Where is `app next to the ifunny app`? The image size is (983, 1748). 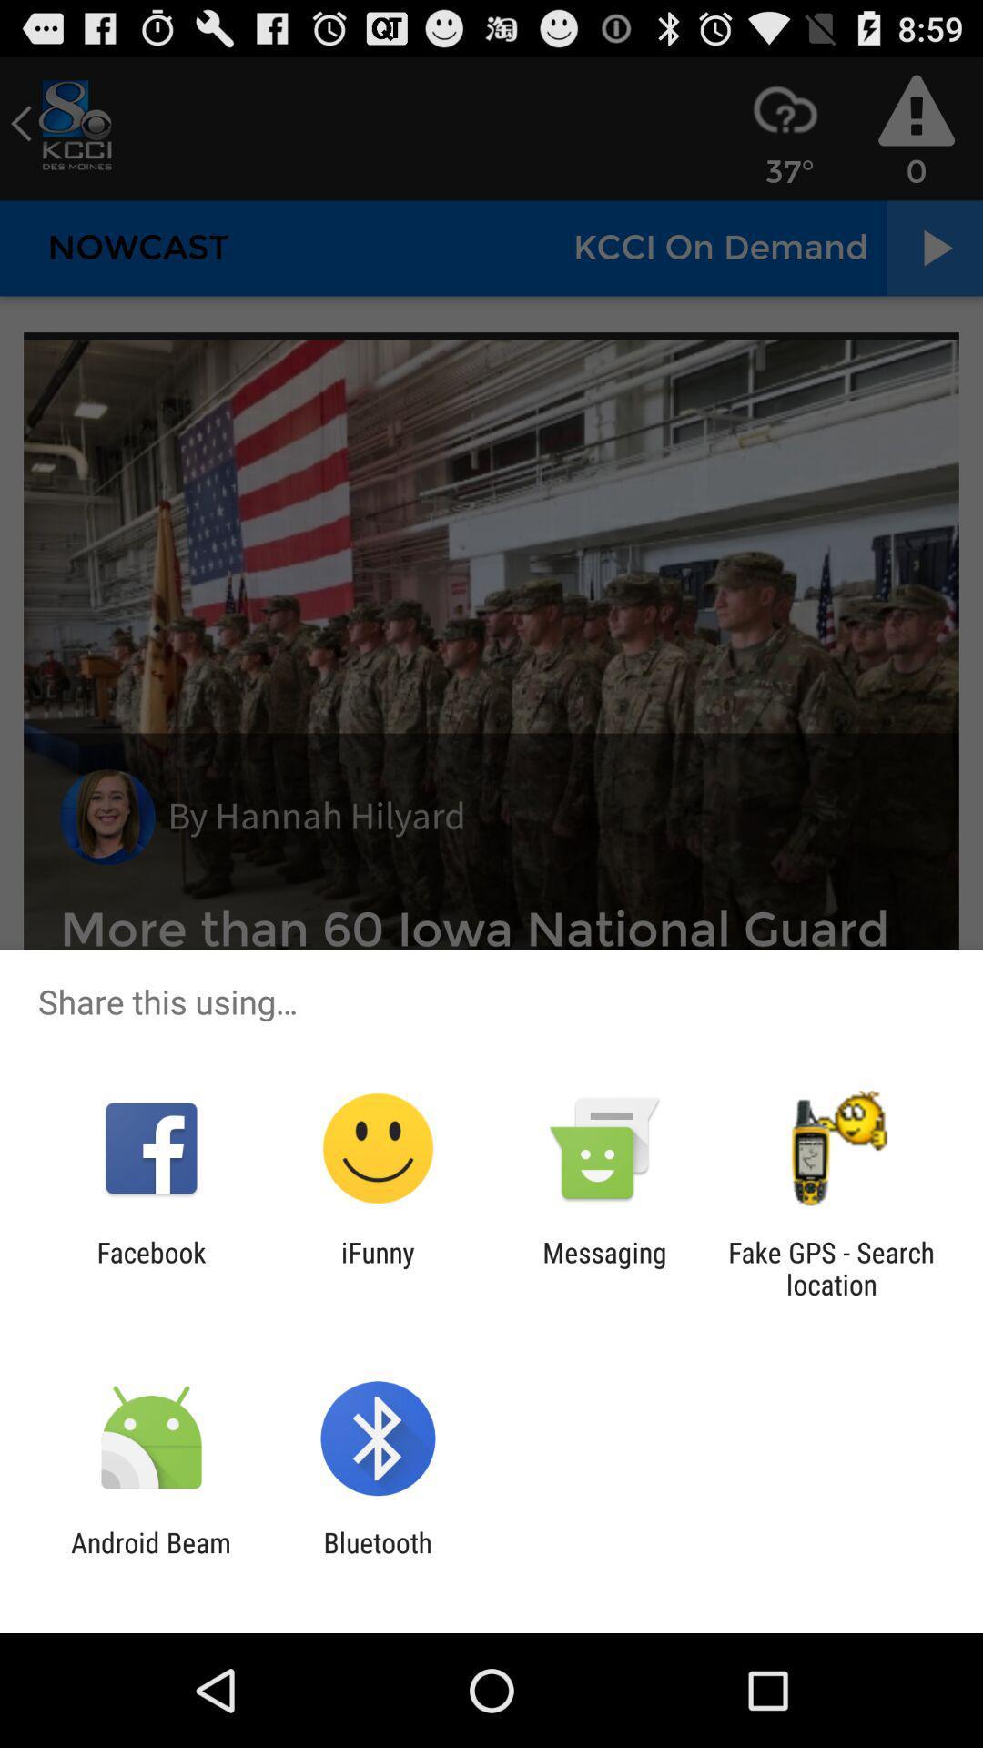
app next to the ifunny app is located at coordinates (604, 1267).